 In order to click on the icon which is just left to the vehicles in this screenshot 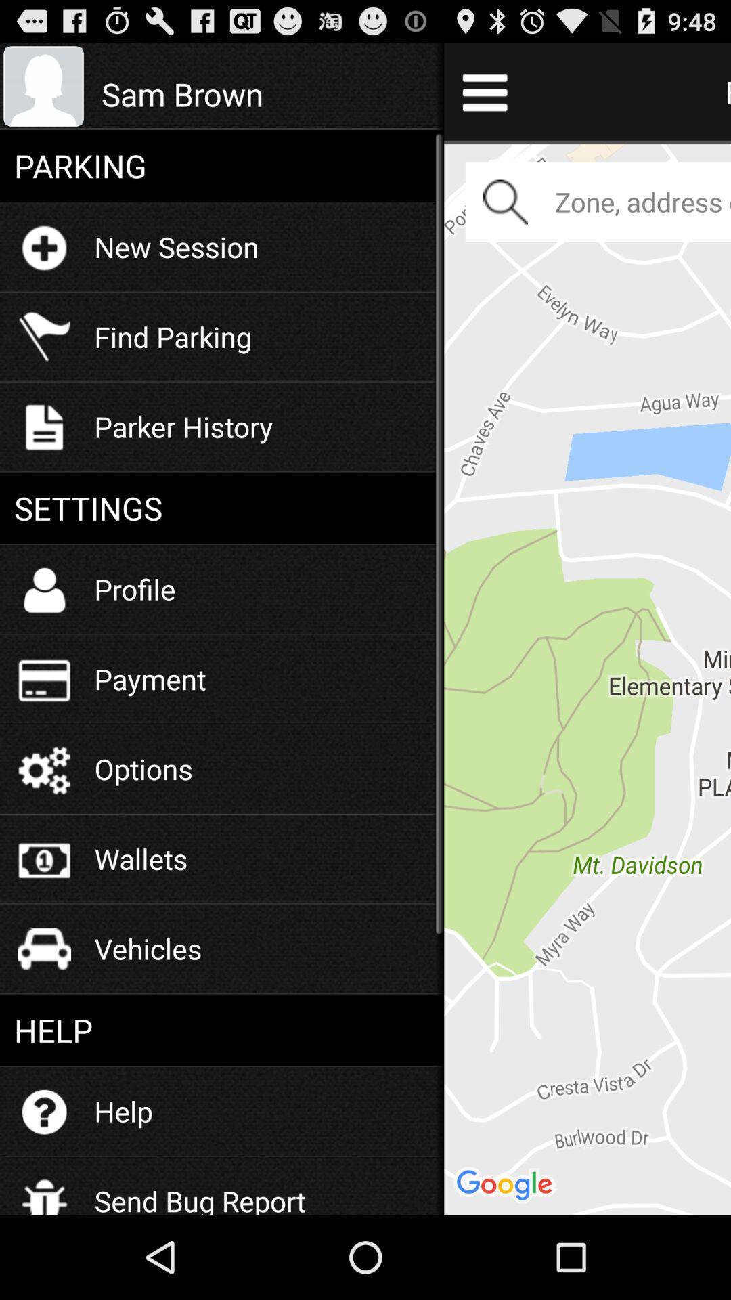, I will do `click(43, 948)`.